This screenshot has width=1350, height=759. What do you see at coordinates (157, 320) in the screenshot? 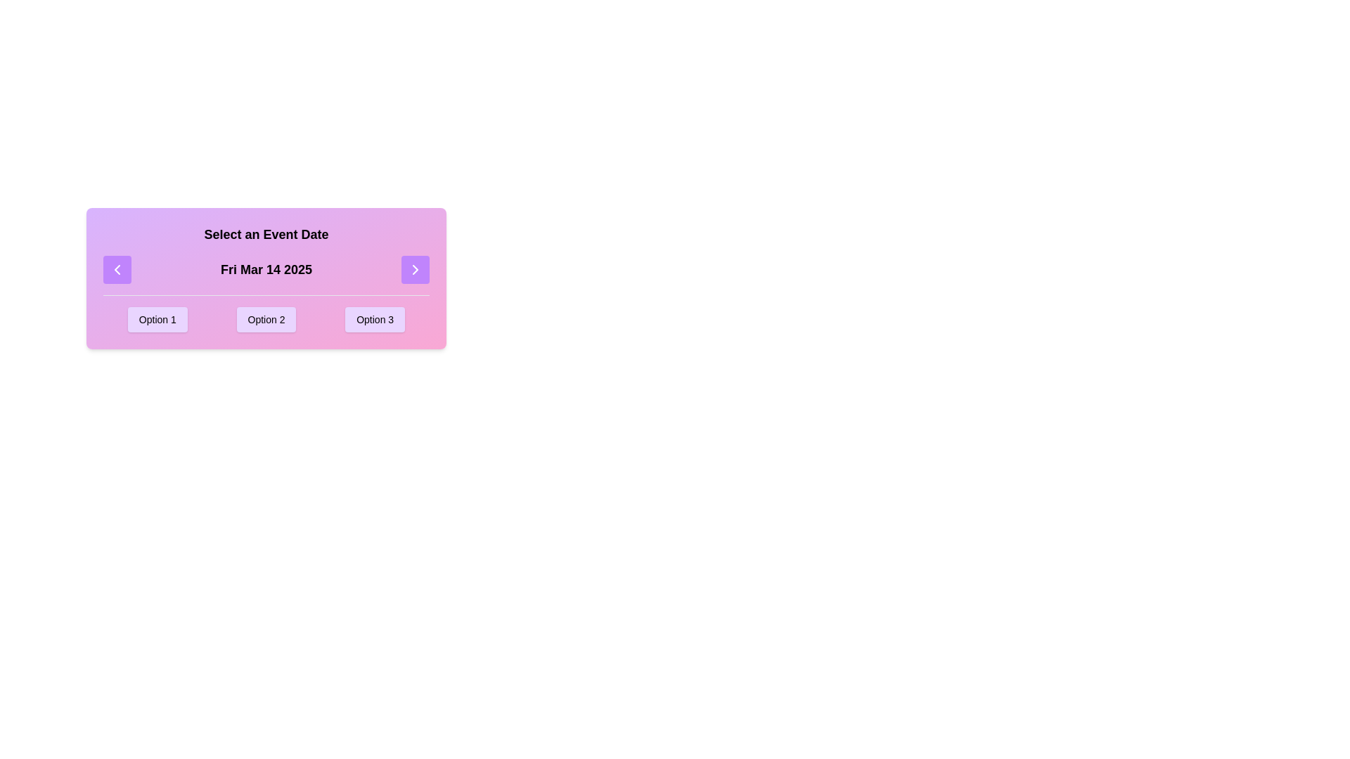
I see `the rectangular button labeled 'Option 1' with a purple background` at bounding box center [157, 320].